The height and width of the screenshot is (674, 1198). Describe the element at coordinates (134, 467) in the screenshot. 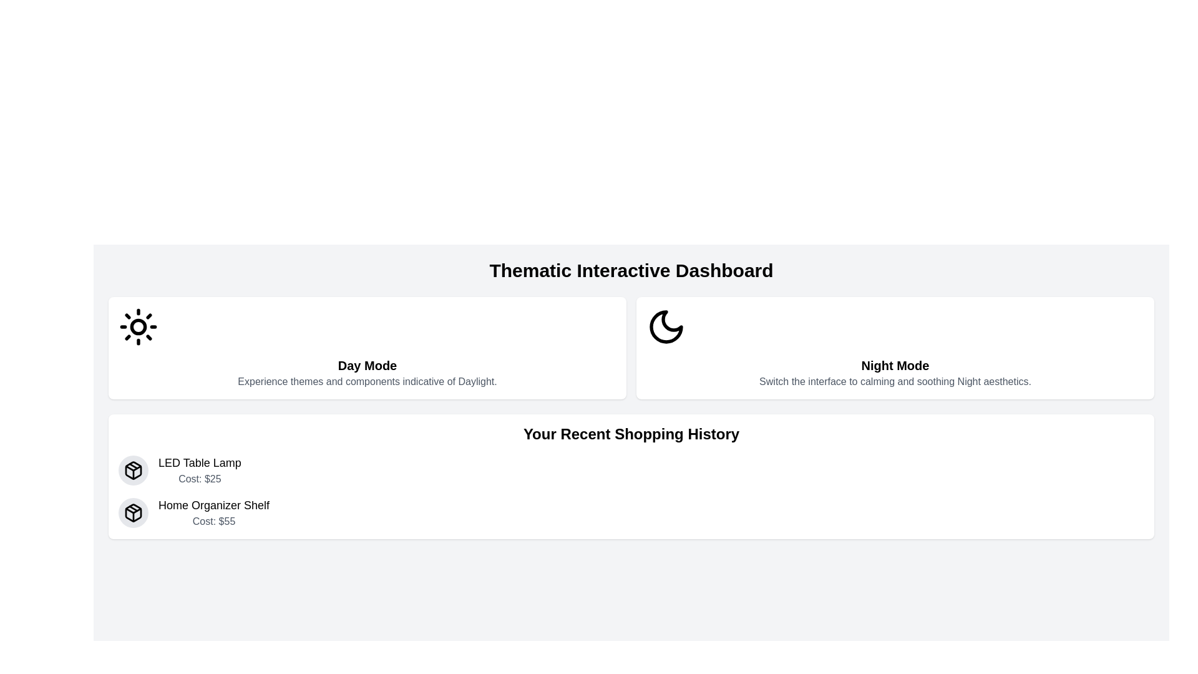

I see `the chevron-like icon located beside the text 'LED Table Lamp' in the 'Recent Shopping History' section` at that location.